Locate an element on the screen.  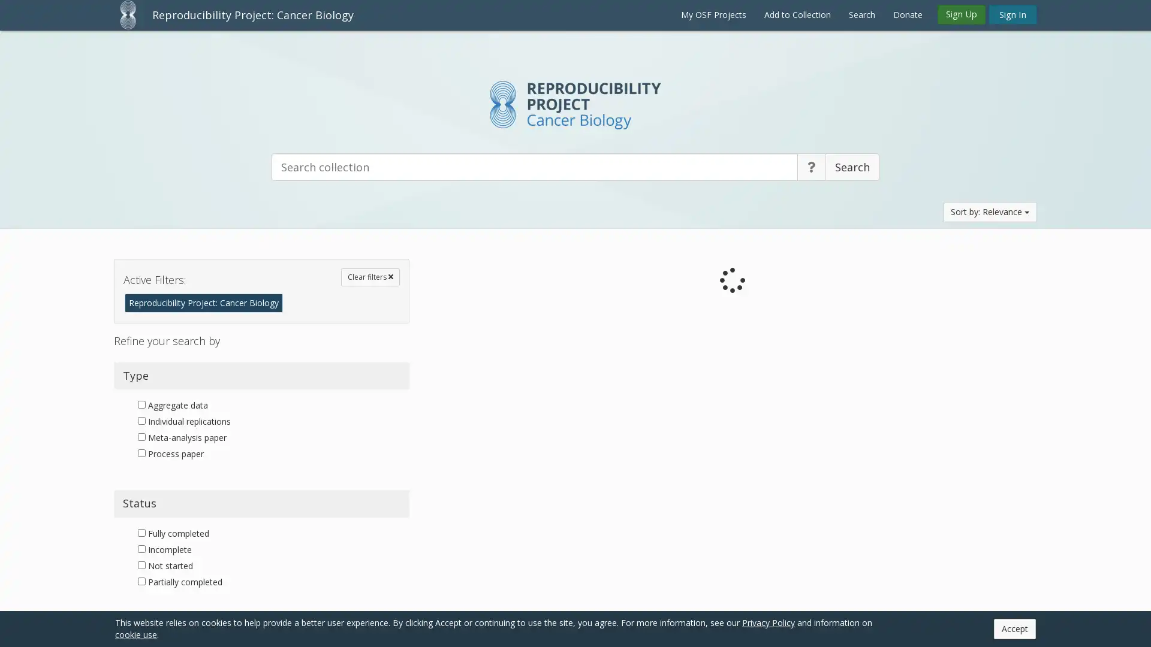
Search is located at coordinates (861, 14).